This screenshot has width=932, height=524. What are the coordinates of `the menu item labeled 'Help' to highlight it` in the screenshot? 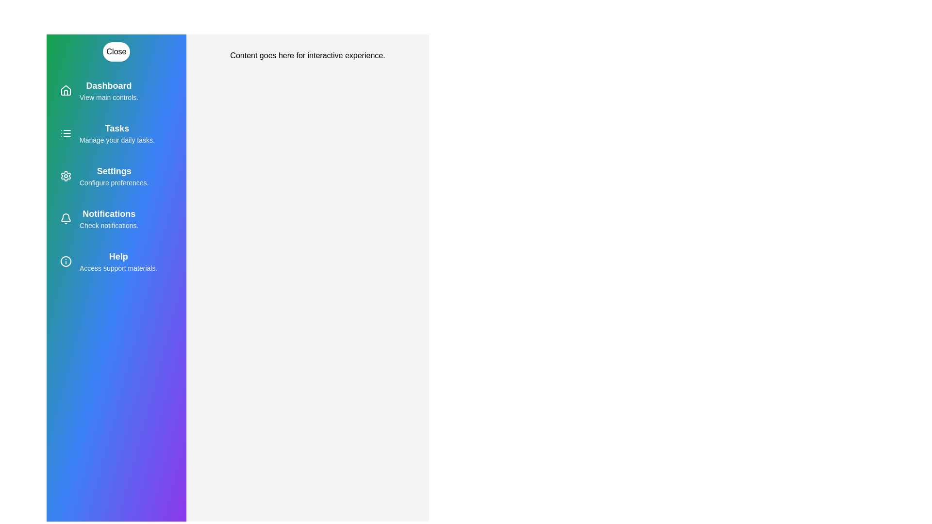 It's located at (116, 261).